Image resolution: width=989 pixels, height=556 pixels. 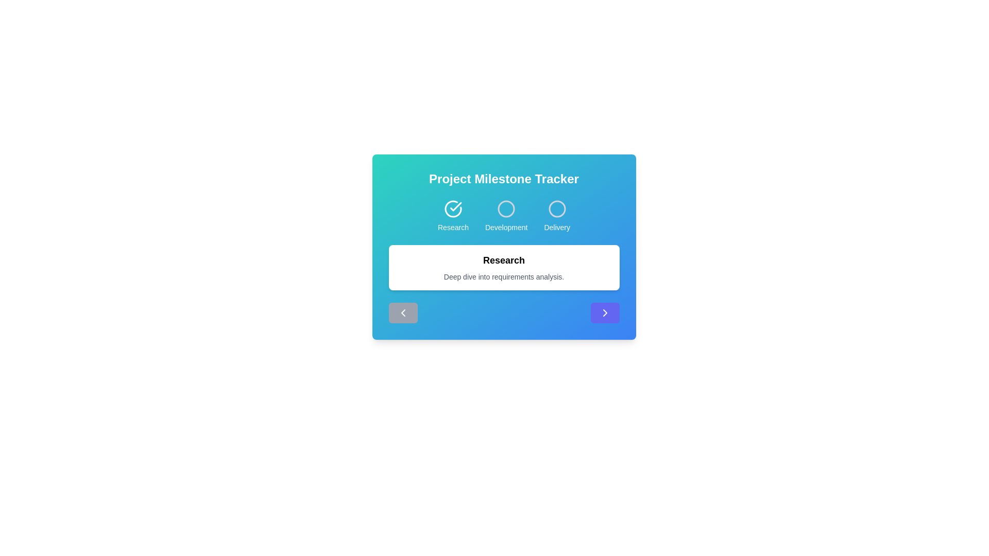 I want to click on the current or completed status of the 'Research' milestone, so click(x=453, y=208).